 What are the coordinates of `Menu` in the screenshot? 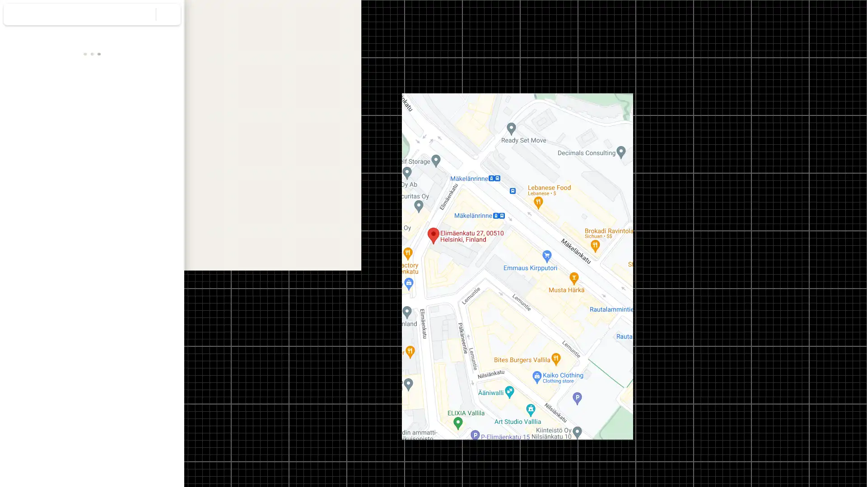 It's located at (16, 15).